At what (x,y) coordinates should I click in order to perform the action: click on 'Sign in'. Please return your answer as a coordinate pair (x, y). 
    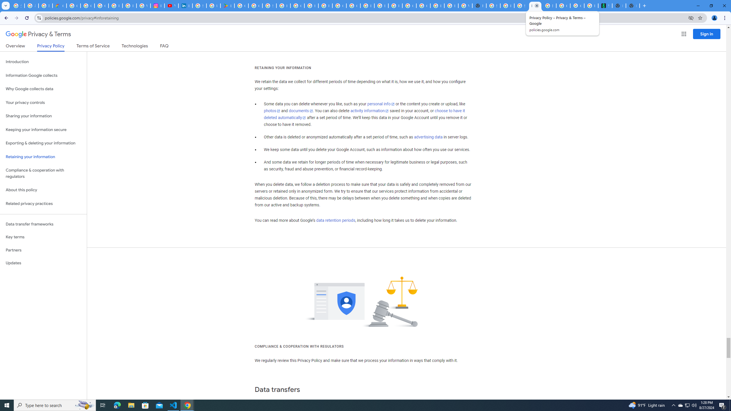
    Looking at the image, I should click on (706, 34).